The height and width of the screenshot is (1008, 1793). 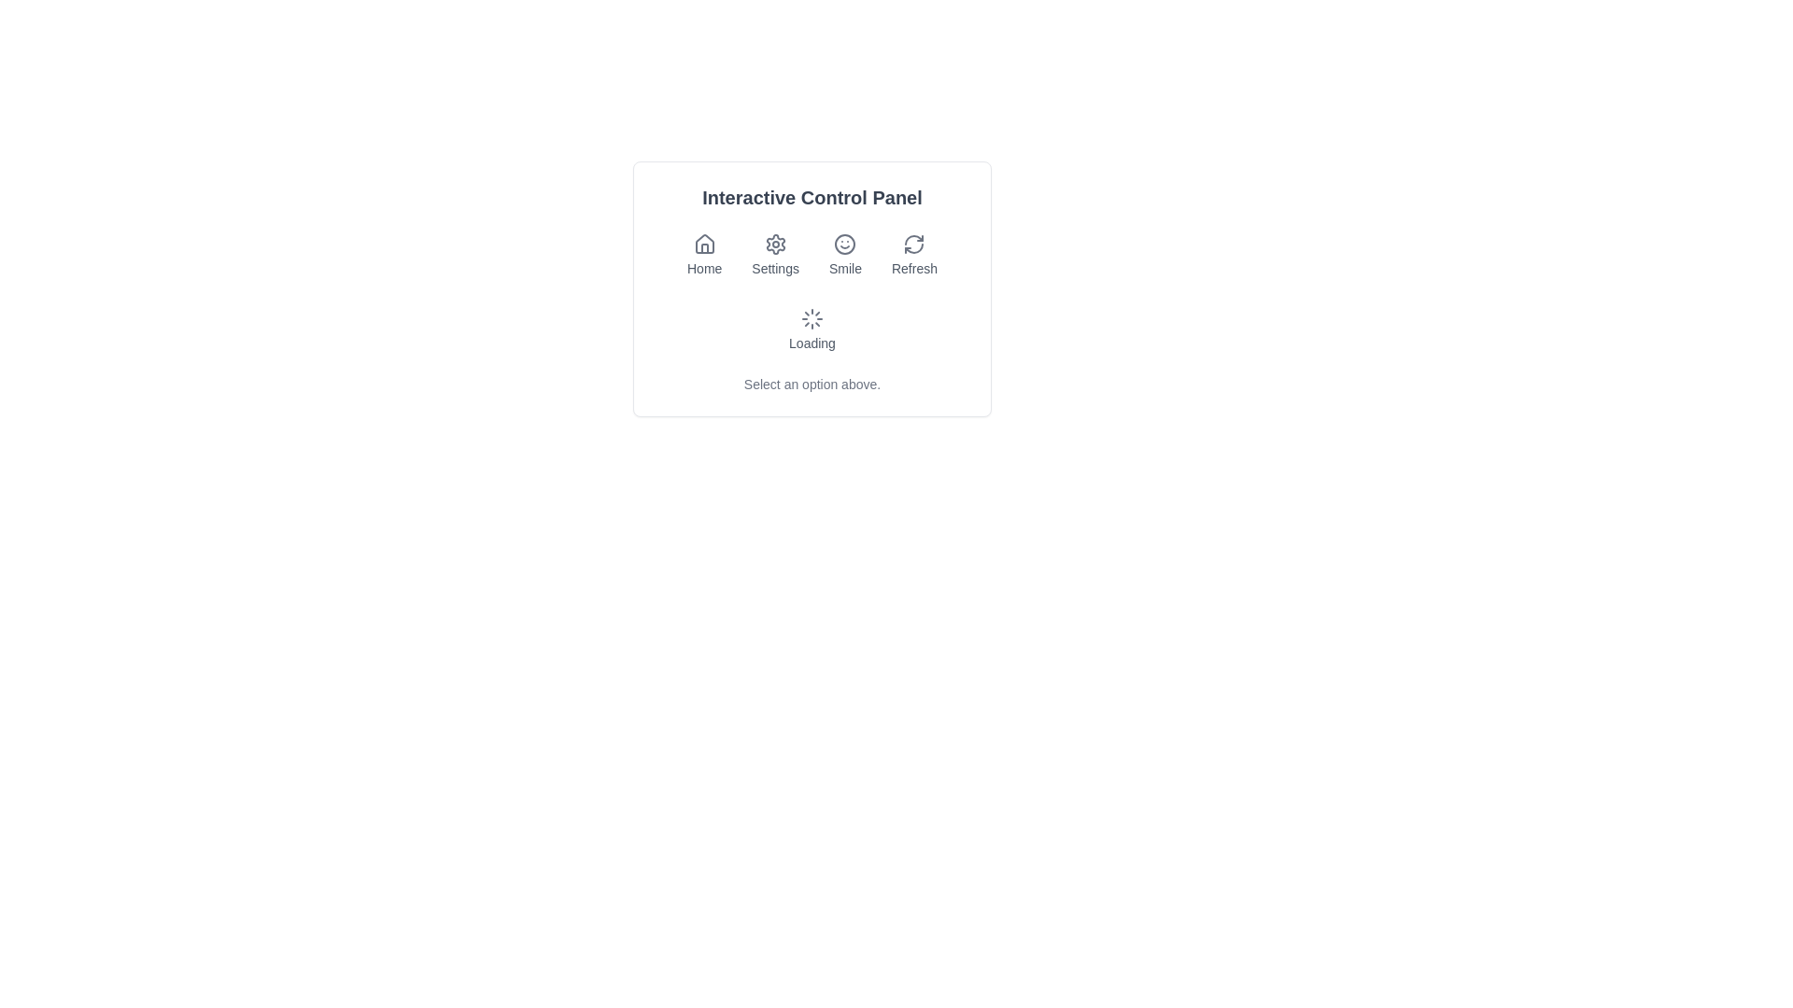 What do you see at coordinates (914, 269) in the screenshot?
I see `the text label located directly below the refresh icon at the top-right corner of the central card, which provides context for the associated icon's functionality` at bounding box center [914, 269].